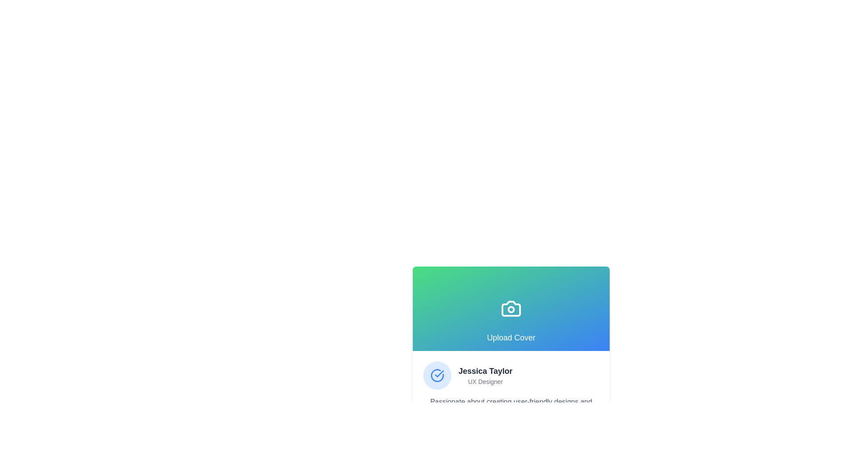  I want to click on the text label that reads 'Passionate about creating user-friendly designs and meaningful experiences.' positioned below the user's role 'UX Designer' and above the action buttons in the profile card, so click(511, 407).